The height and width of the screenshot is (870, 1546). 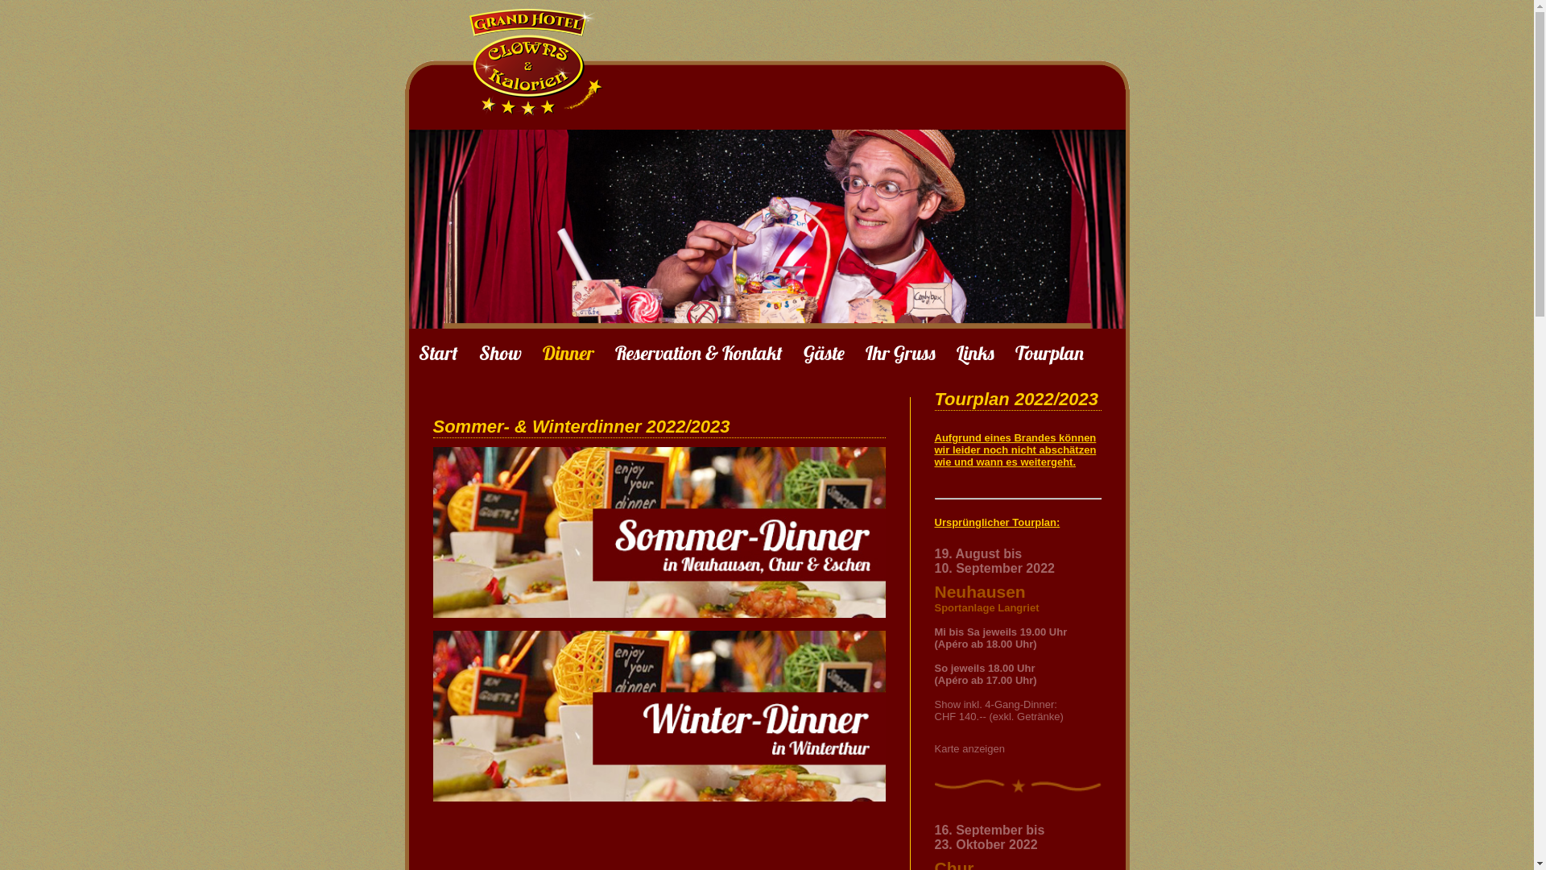 What do you see at coordinates (438, 352) in the screenshot?
I see `'Start'` at bounding box center [438, 352].